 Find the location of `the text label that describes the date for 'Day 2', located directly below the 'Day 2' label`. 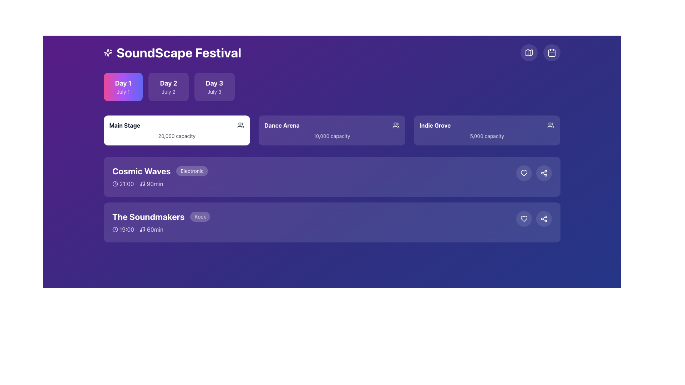

the text label that describes the date for 'Day 2', located directly below the 'Day 2' label is located at coordinates (168, 92).